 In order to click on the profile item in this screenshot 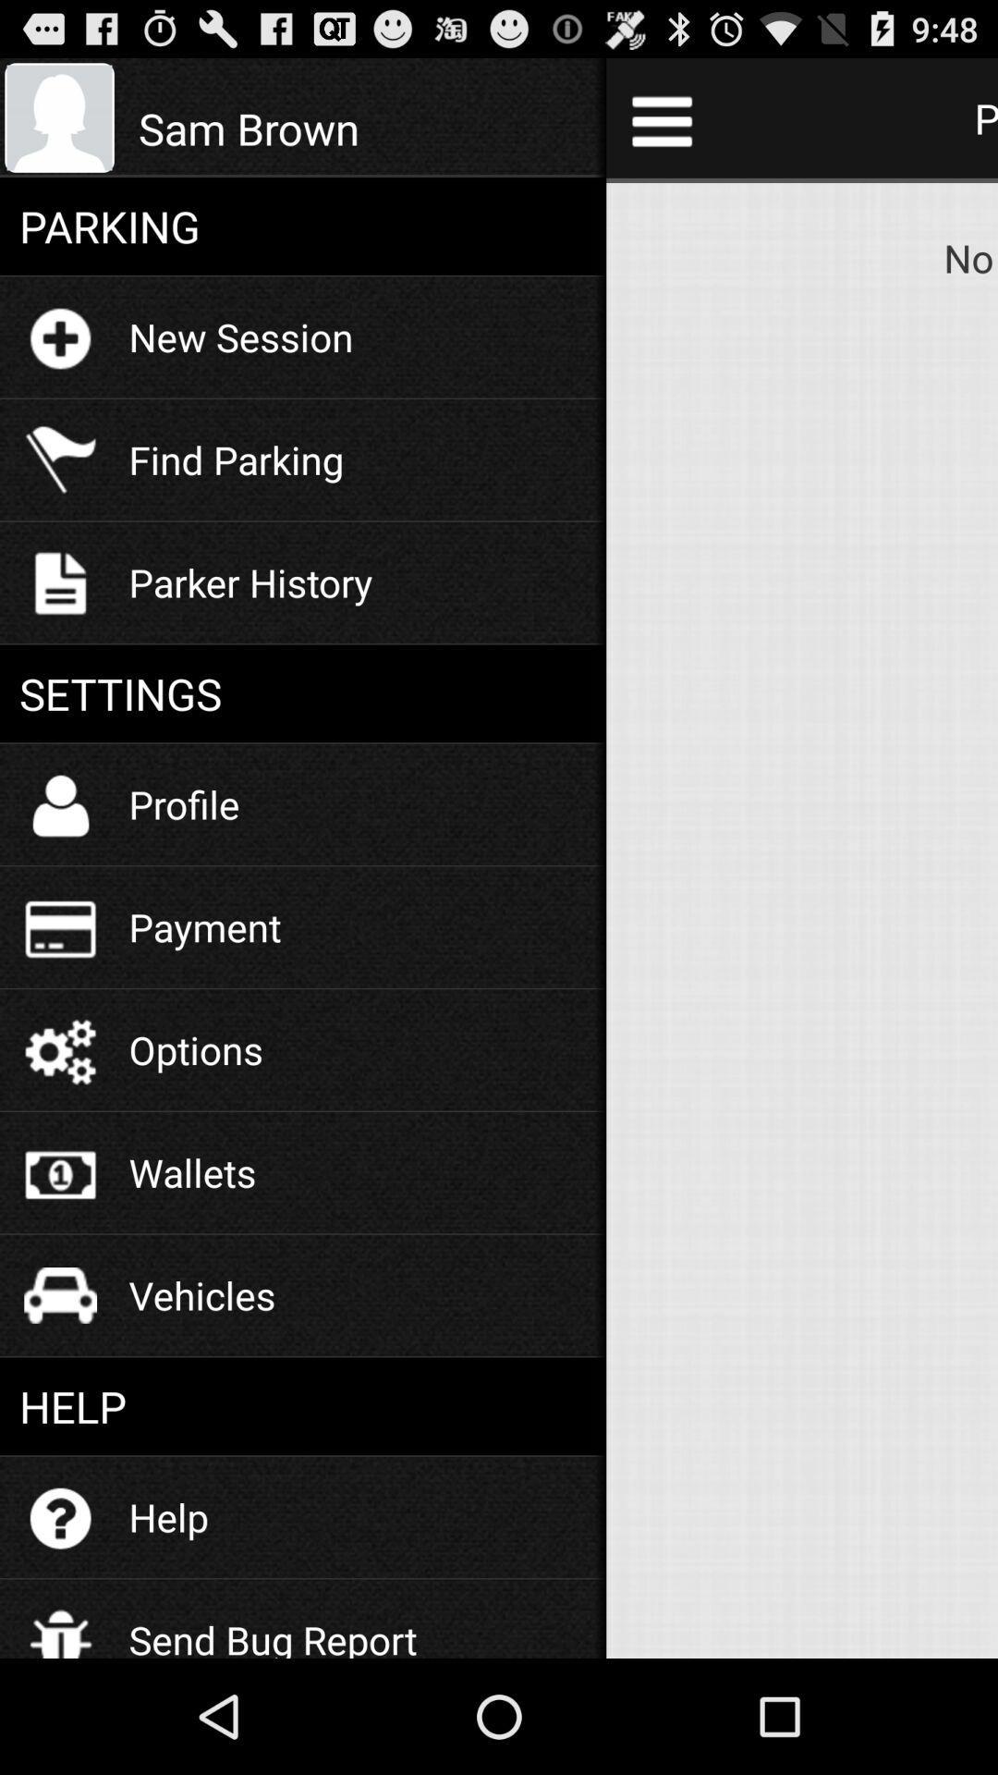, I will do `click(184, 803)`.